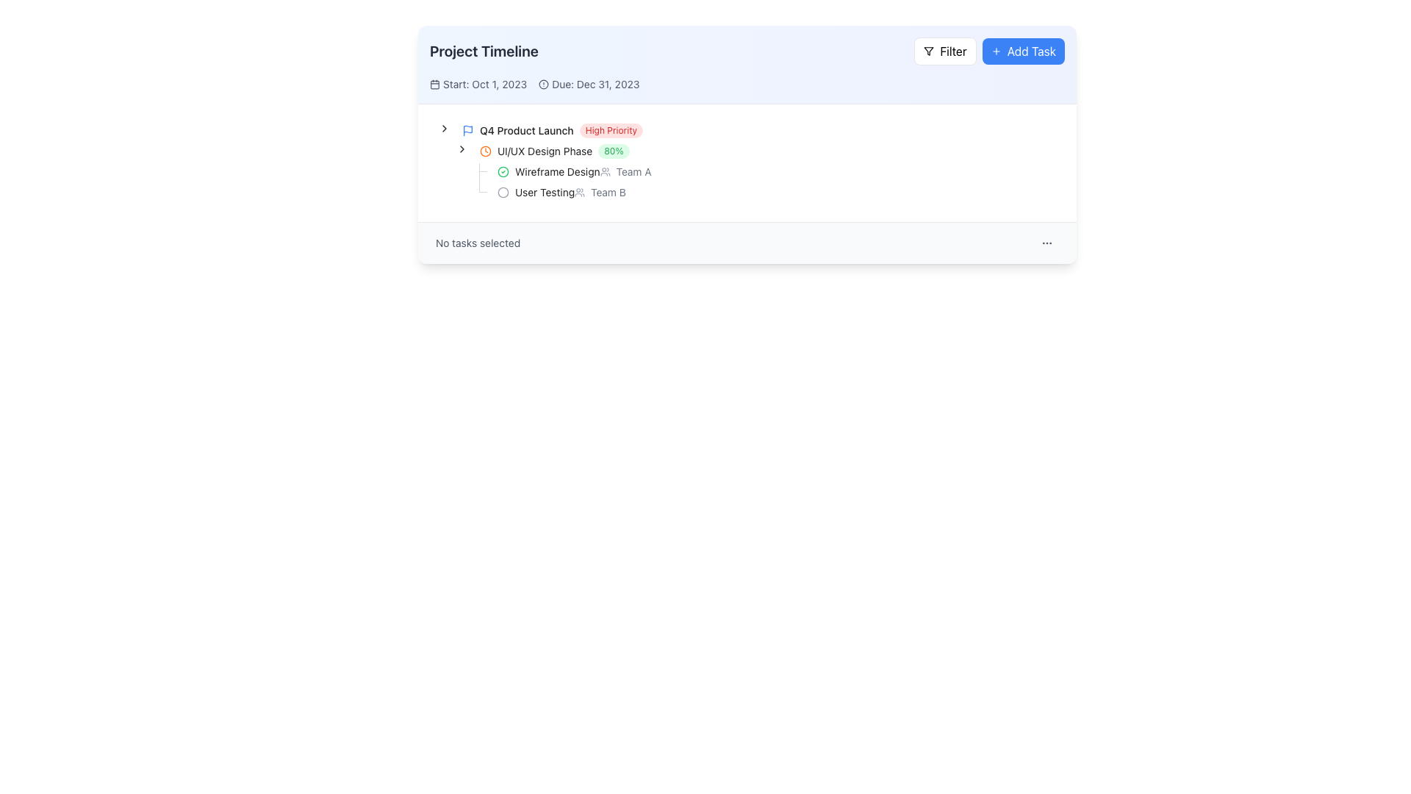 This screenshot has width=1411, height=794. I want to click on text of the label located in the upper-right section of the page, adjacent to a funnel-shaped icon, which serves as a descriptor for the filter functionality, so click(953, 50).